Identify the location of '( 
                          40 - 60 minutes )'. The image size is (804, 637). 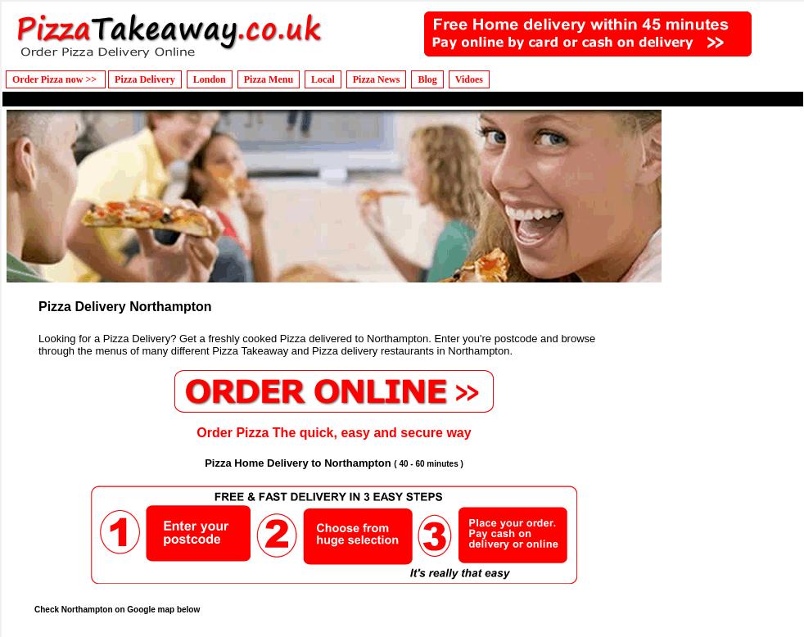
(427, 463).